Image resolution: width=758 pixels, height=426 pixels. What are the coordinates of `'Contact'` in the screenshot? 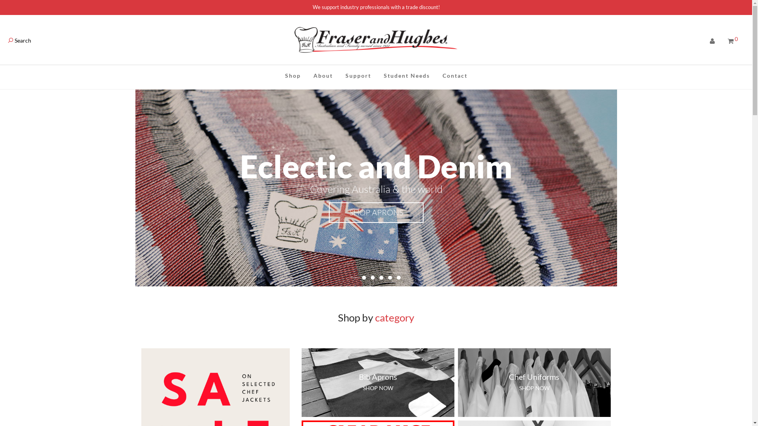 It's located at (454, 75).